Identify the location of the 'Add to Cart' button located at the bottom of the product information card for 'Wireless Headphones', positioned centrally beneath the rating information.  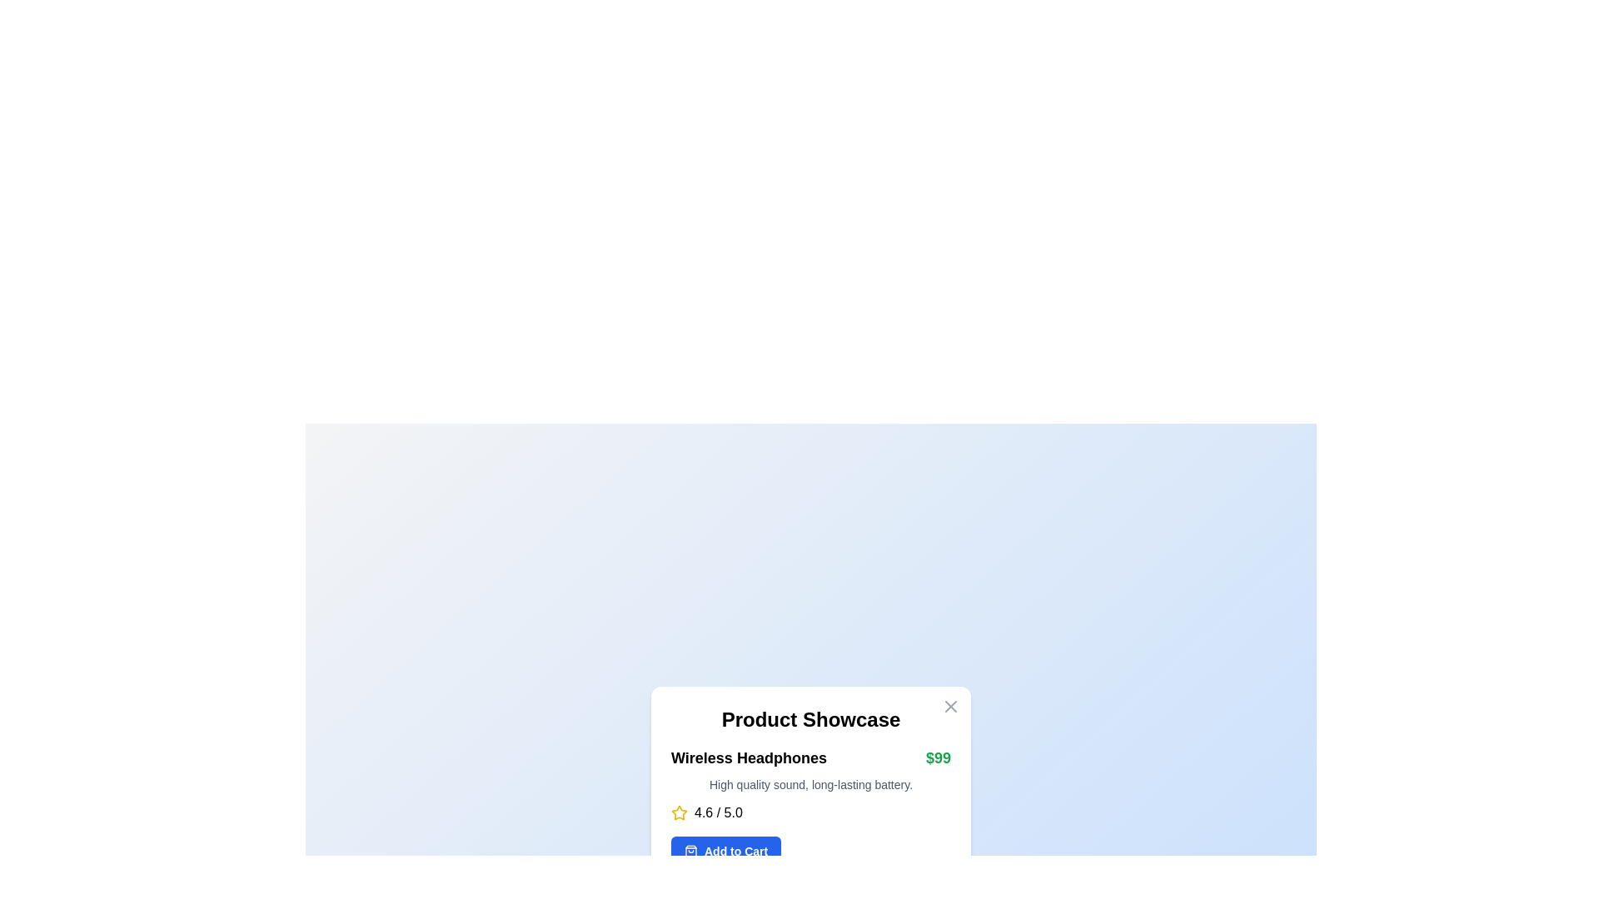
(726, 851).